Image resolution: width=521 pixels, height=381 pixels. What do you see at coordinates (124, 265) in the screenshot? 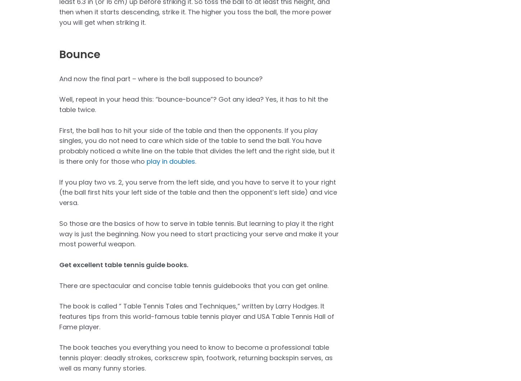
I see `'Get excellent table tennis guide books.'` at bounding box center [124, 265].